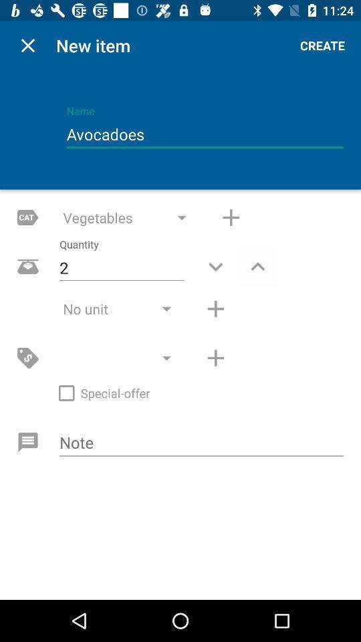  Describe the element at coordinates (215, 309) in the screenshot. I see `number increasing` at that location.